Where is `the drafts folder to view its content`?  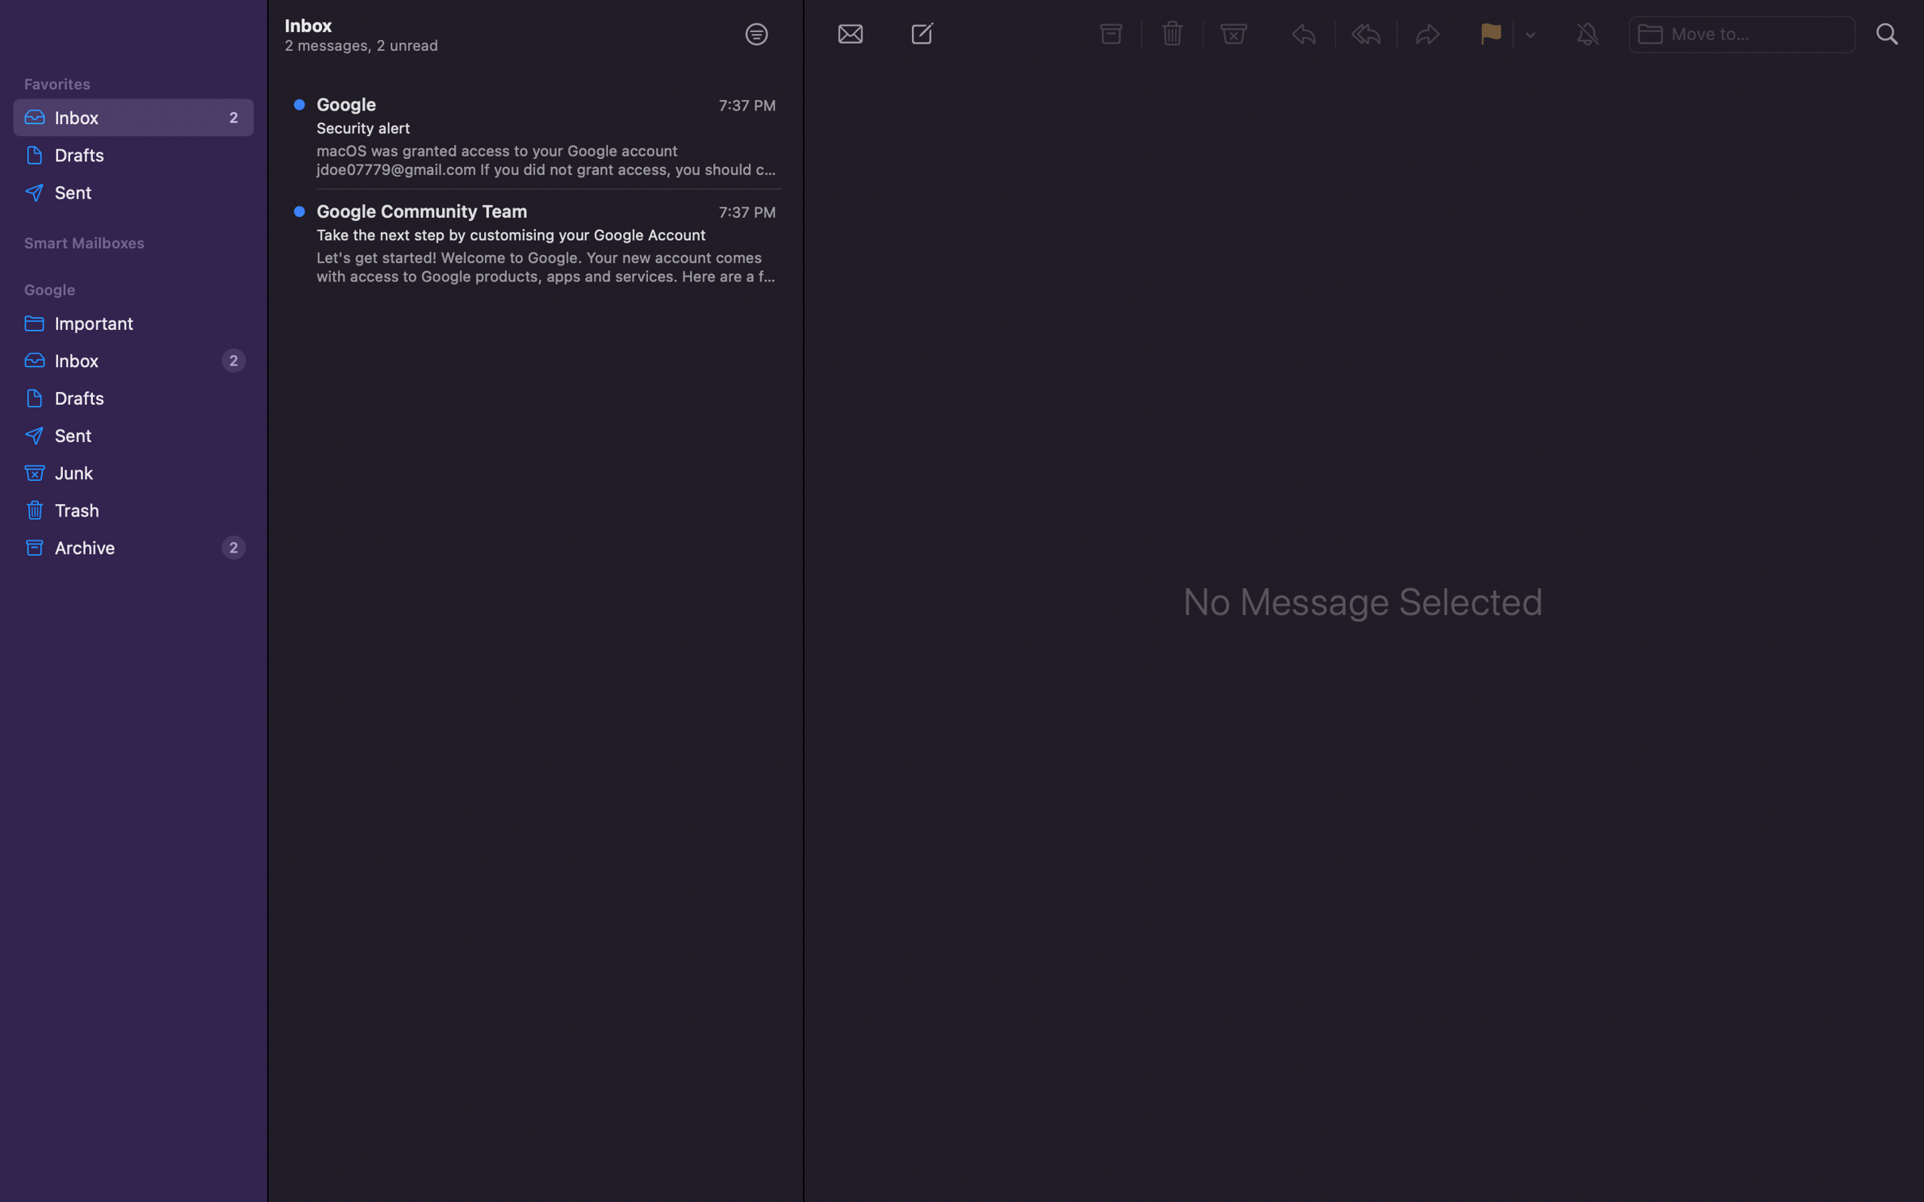
the drafts folder to view its content is located at coordinates (130, 397).